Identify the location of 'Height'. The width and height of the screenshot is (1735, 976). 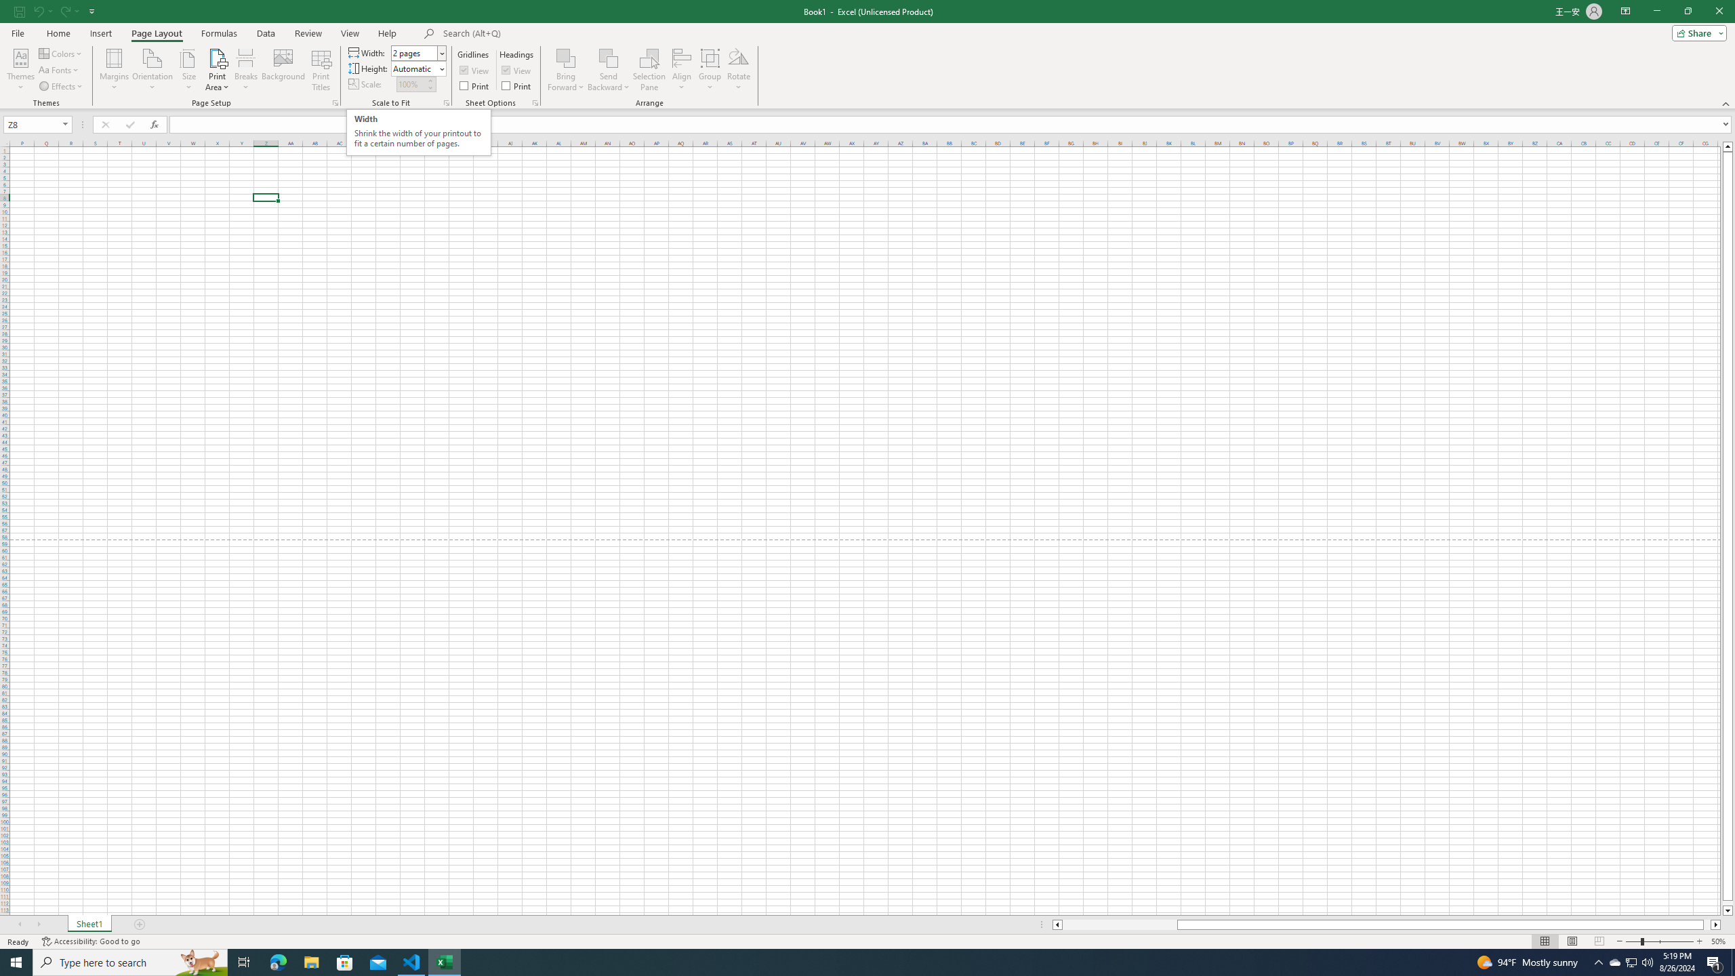
(417, 67).